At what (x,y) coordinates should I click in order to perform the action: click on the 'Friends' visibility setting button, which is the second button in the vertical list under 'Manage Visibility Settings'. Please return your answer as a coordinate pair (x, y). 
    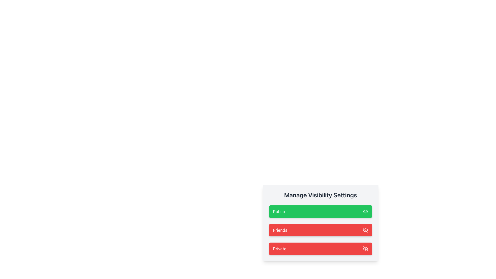
    Looking at the image, I should click on (320, 230).